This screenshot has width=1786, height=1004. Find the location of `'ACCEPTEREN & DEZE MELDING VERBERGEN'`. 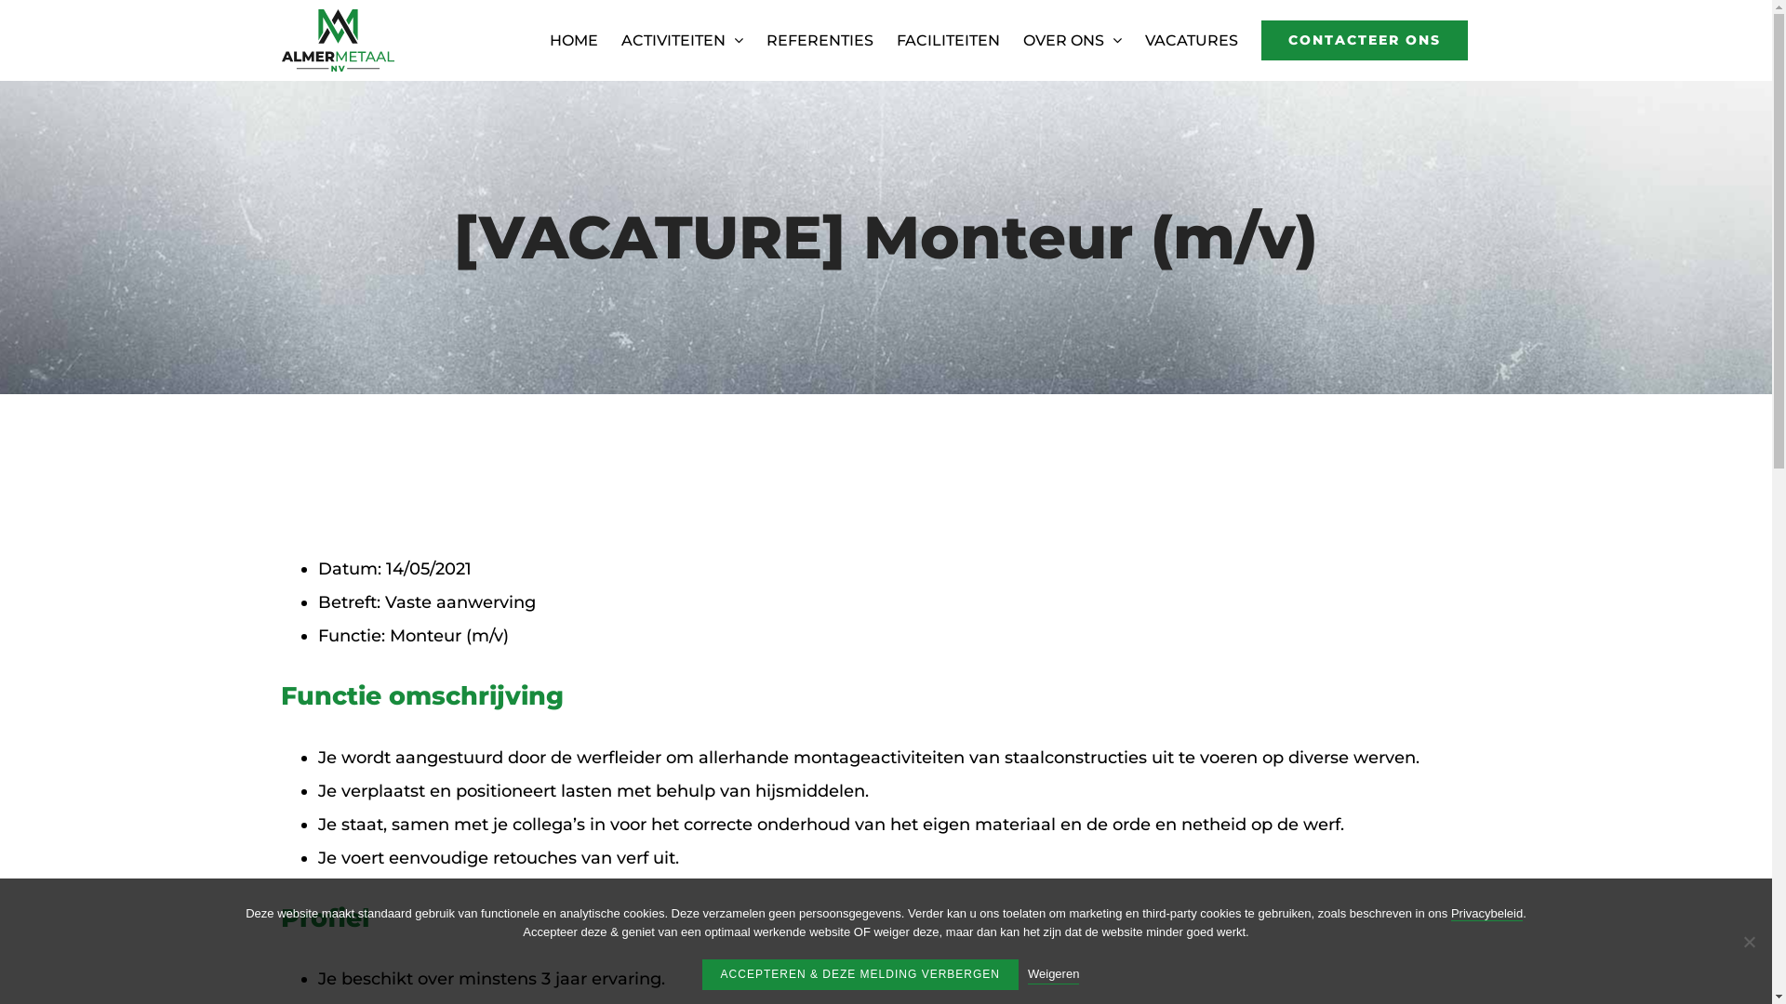

'ACCEPTEREN & DEZE MELDING VERBERGEN' is located at coordinates (860, 973).